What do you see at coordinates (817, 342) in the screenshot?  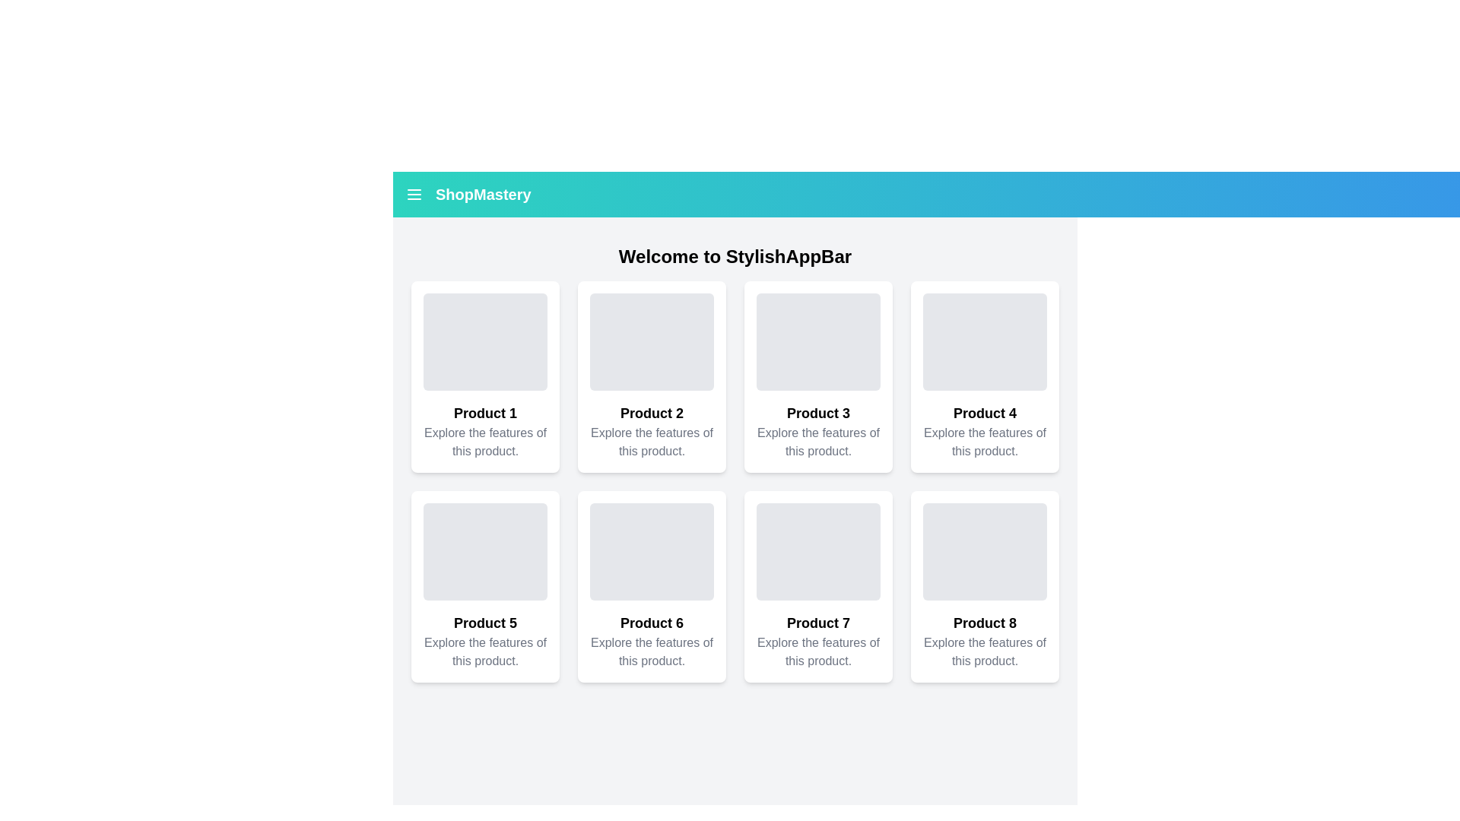 I see `the Placeholder Area with a gray background and rounded corners located at the top of the 'Product 3' card` at bounding box center [817, 342].